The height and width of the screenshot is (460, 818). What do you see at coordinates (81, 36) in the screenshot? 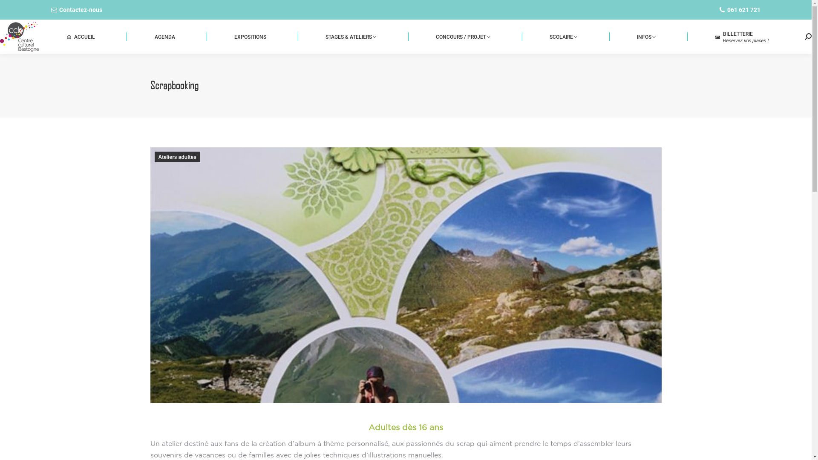
I see `'ACCUEIL'` at bounding box center [81, 36].